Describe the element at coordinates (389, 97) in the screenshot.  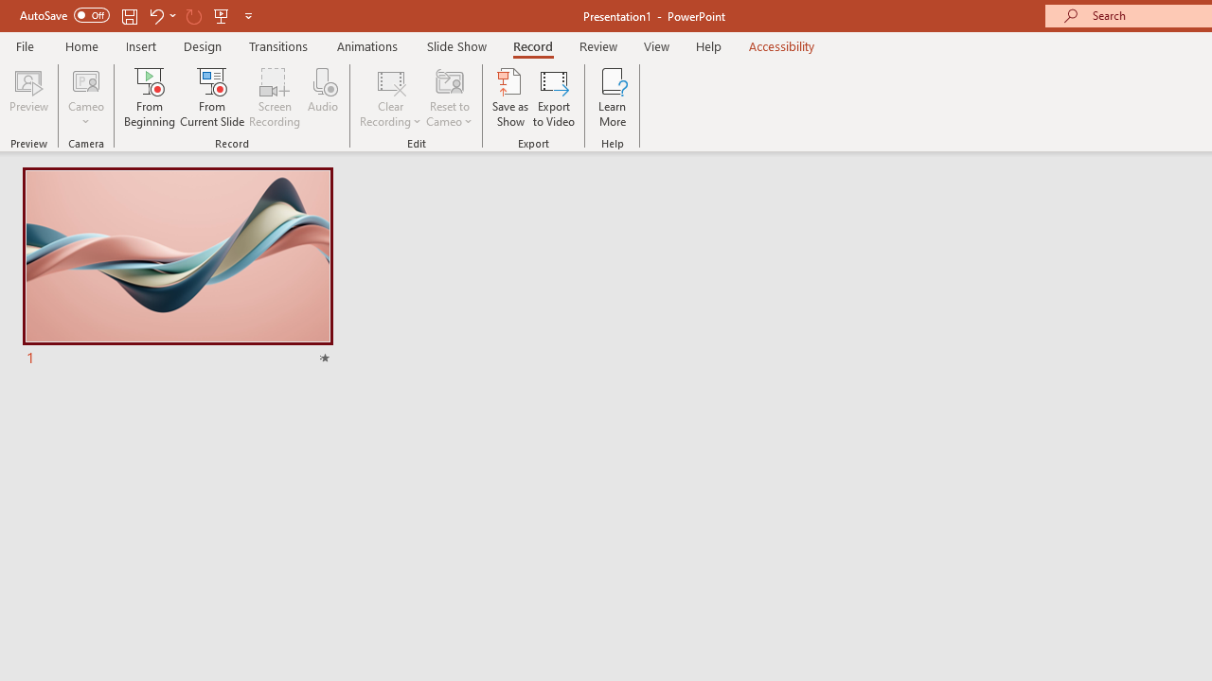
I see `'Clear Recording'` at that location.